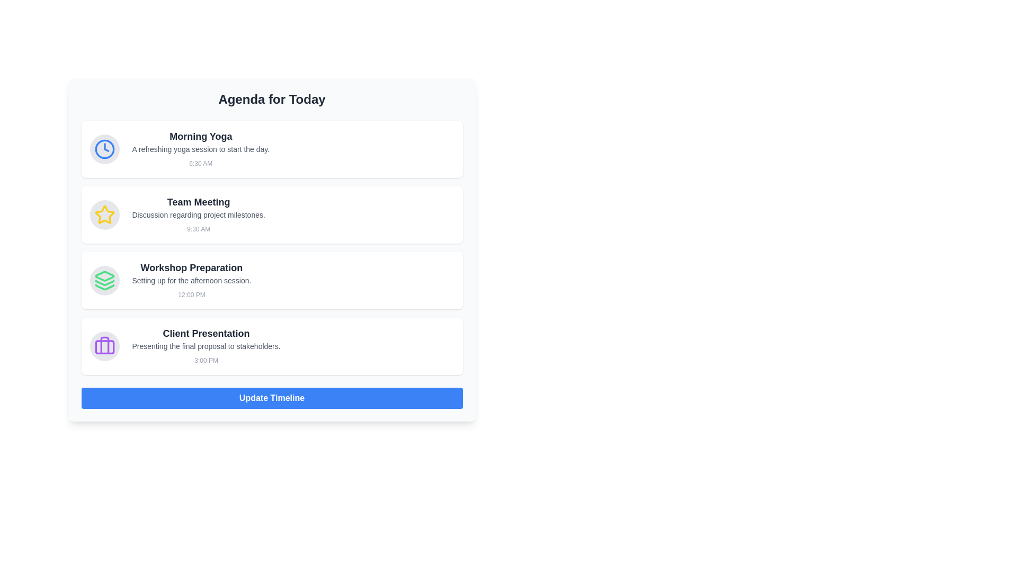  What do you see at coordinates (104, 282) in the screenshot?
I see `the middle layer of the layered stack icon styled in green, which is associated with the 'Workshop Preparation' text in the agenda list` at bounding box center [104, 282].